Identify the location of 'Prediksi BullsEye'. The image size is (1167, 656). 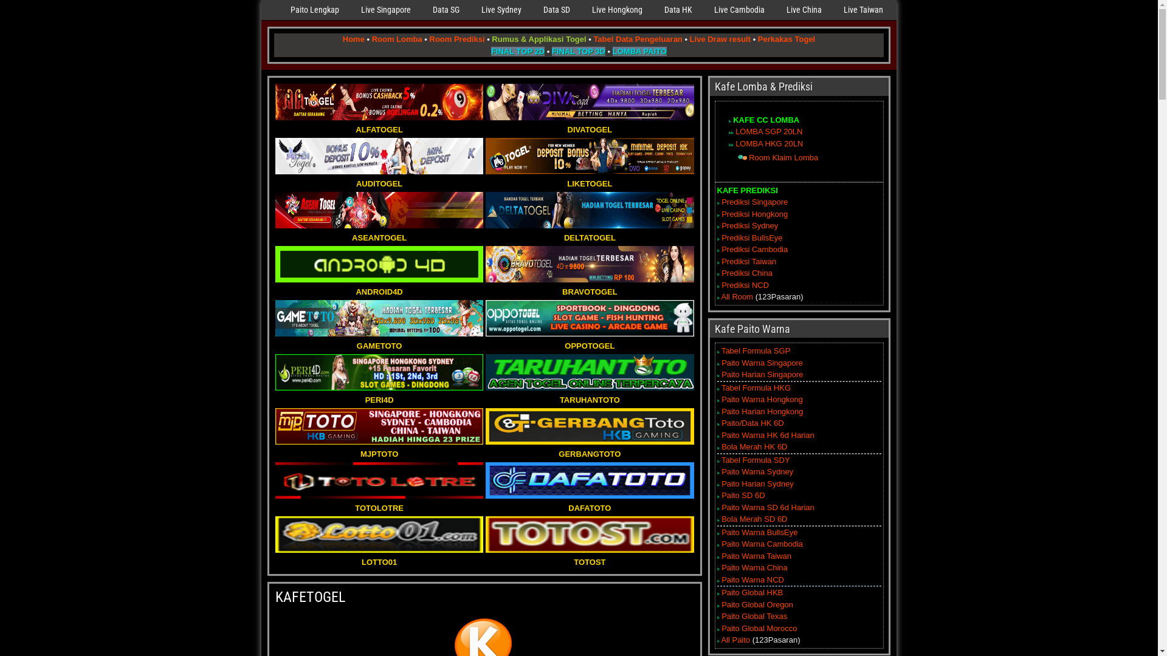
(751, 237).